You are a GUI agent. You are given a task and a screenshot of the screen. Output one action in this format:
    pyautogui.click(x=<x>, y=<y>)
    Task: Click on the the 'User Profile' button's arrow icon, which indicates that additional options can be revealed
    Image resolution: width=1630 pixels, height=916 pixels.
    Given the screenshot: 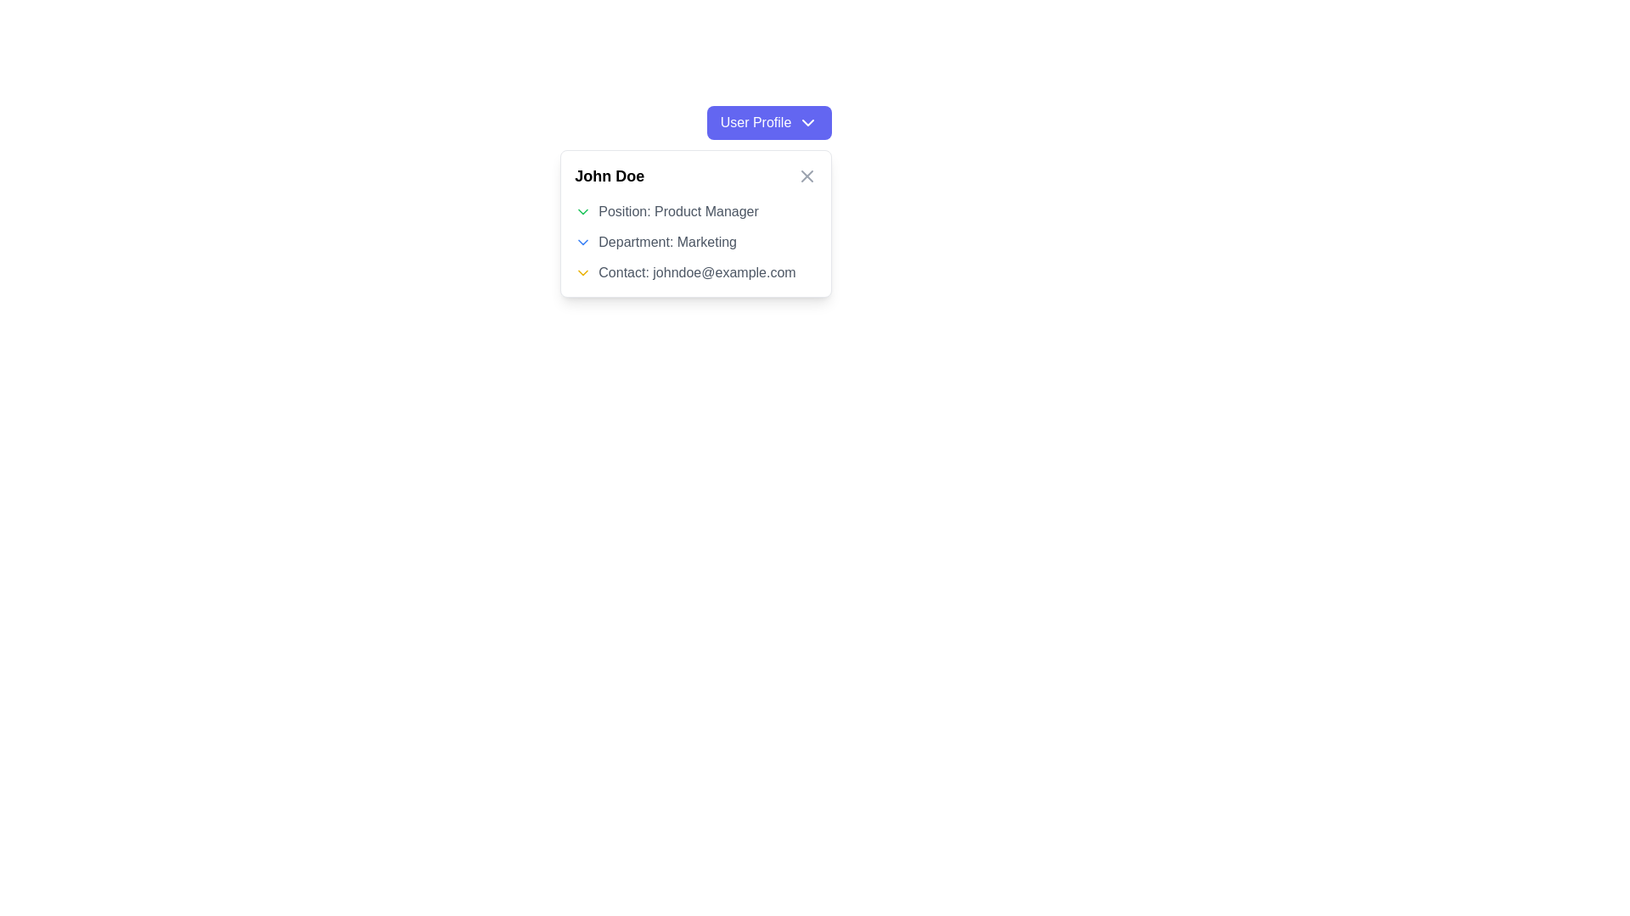 What is the action you would take?
    pyautogui.click(x=807, y=122)
    